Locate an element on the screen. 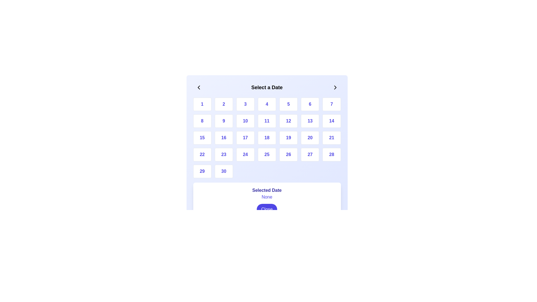 This screenshot has height=302, width=537. the right-pointing chevron icon located at the top-right corner of the interface, adjacent to the 'Select a Date' header in the date selection panel is located at coordinates (335, 87).